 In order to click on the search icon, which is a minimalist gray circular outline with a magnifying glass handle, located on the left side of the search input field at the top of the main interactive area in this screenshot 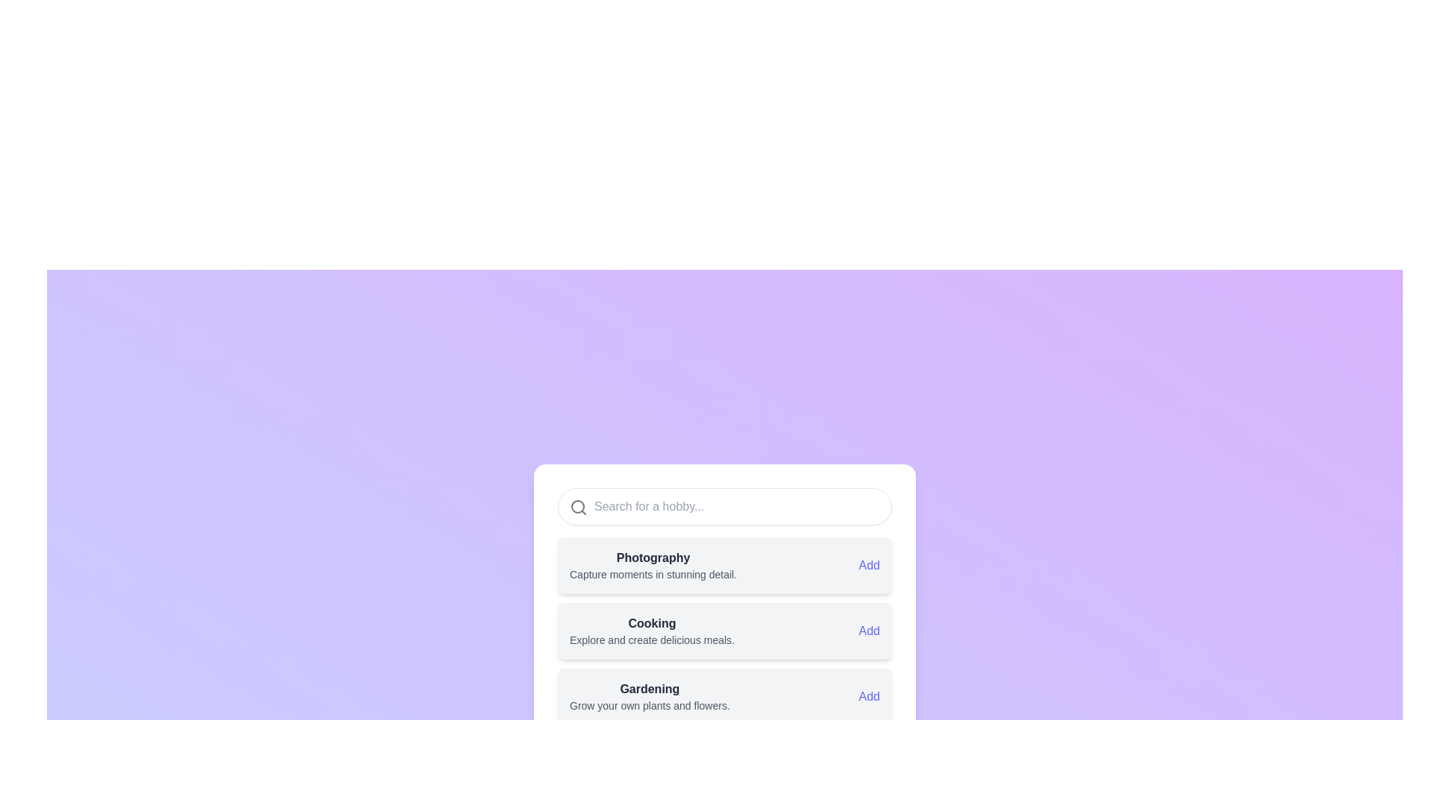, I will do `click(578, 507)`.